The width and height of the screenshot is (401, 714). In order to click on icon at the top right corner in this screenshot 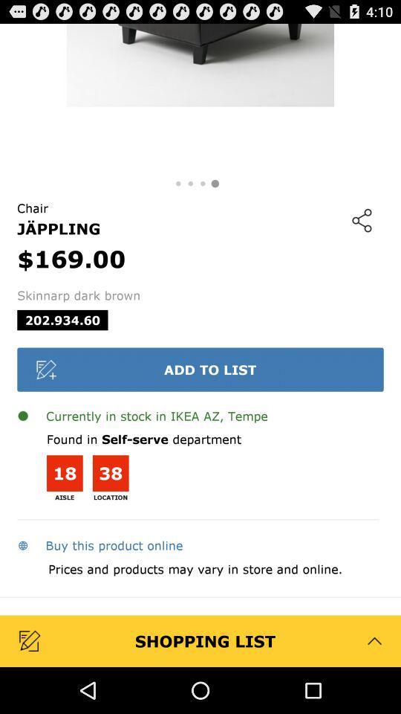, I will do `click(361, 219)`.